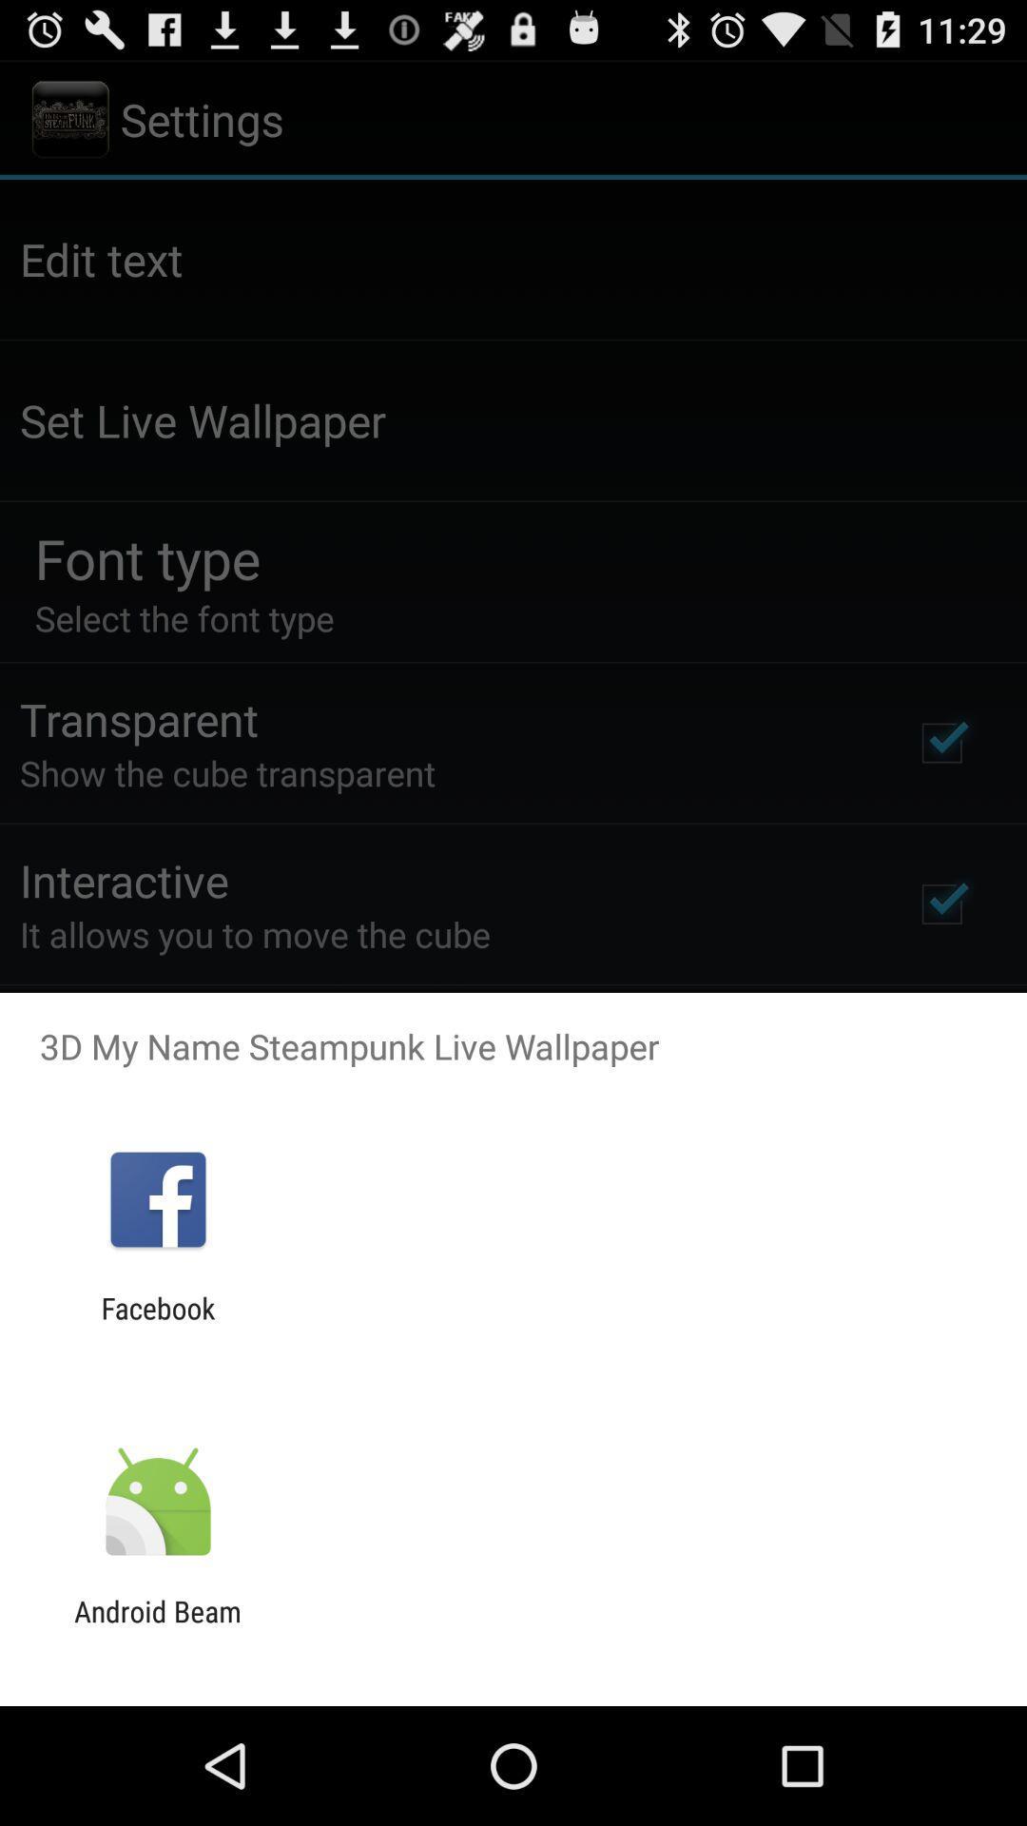 Image resolution: width=1027 pixels, height=1826 pixels. Describe the element at coordinates (157, 1627) in the screenshot. I see `android beam app` at that location.